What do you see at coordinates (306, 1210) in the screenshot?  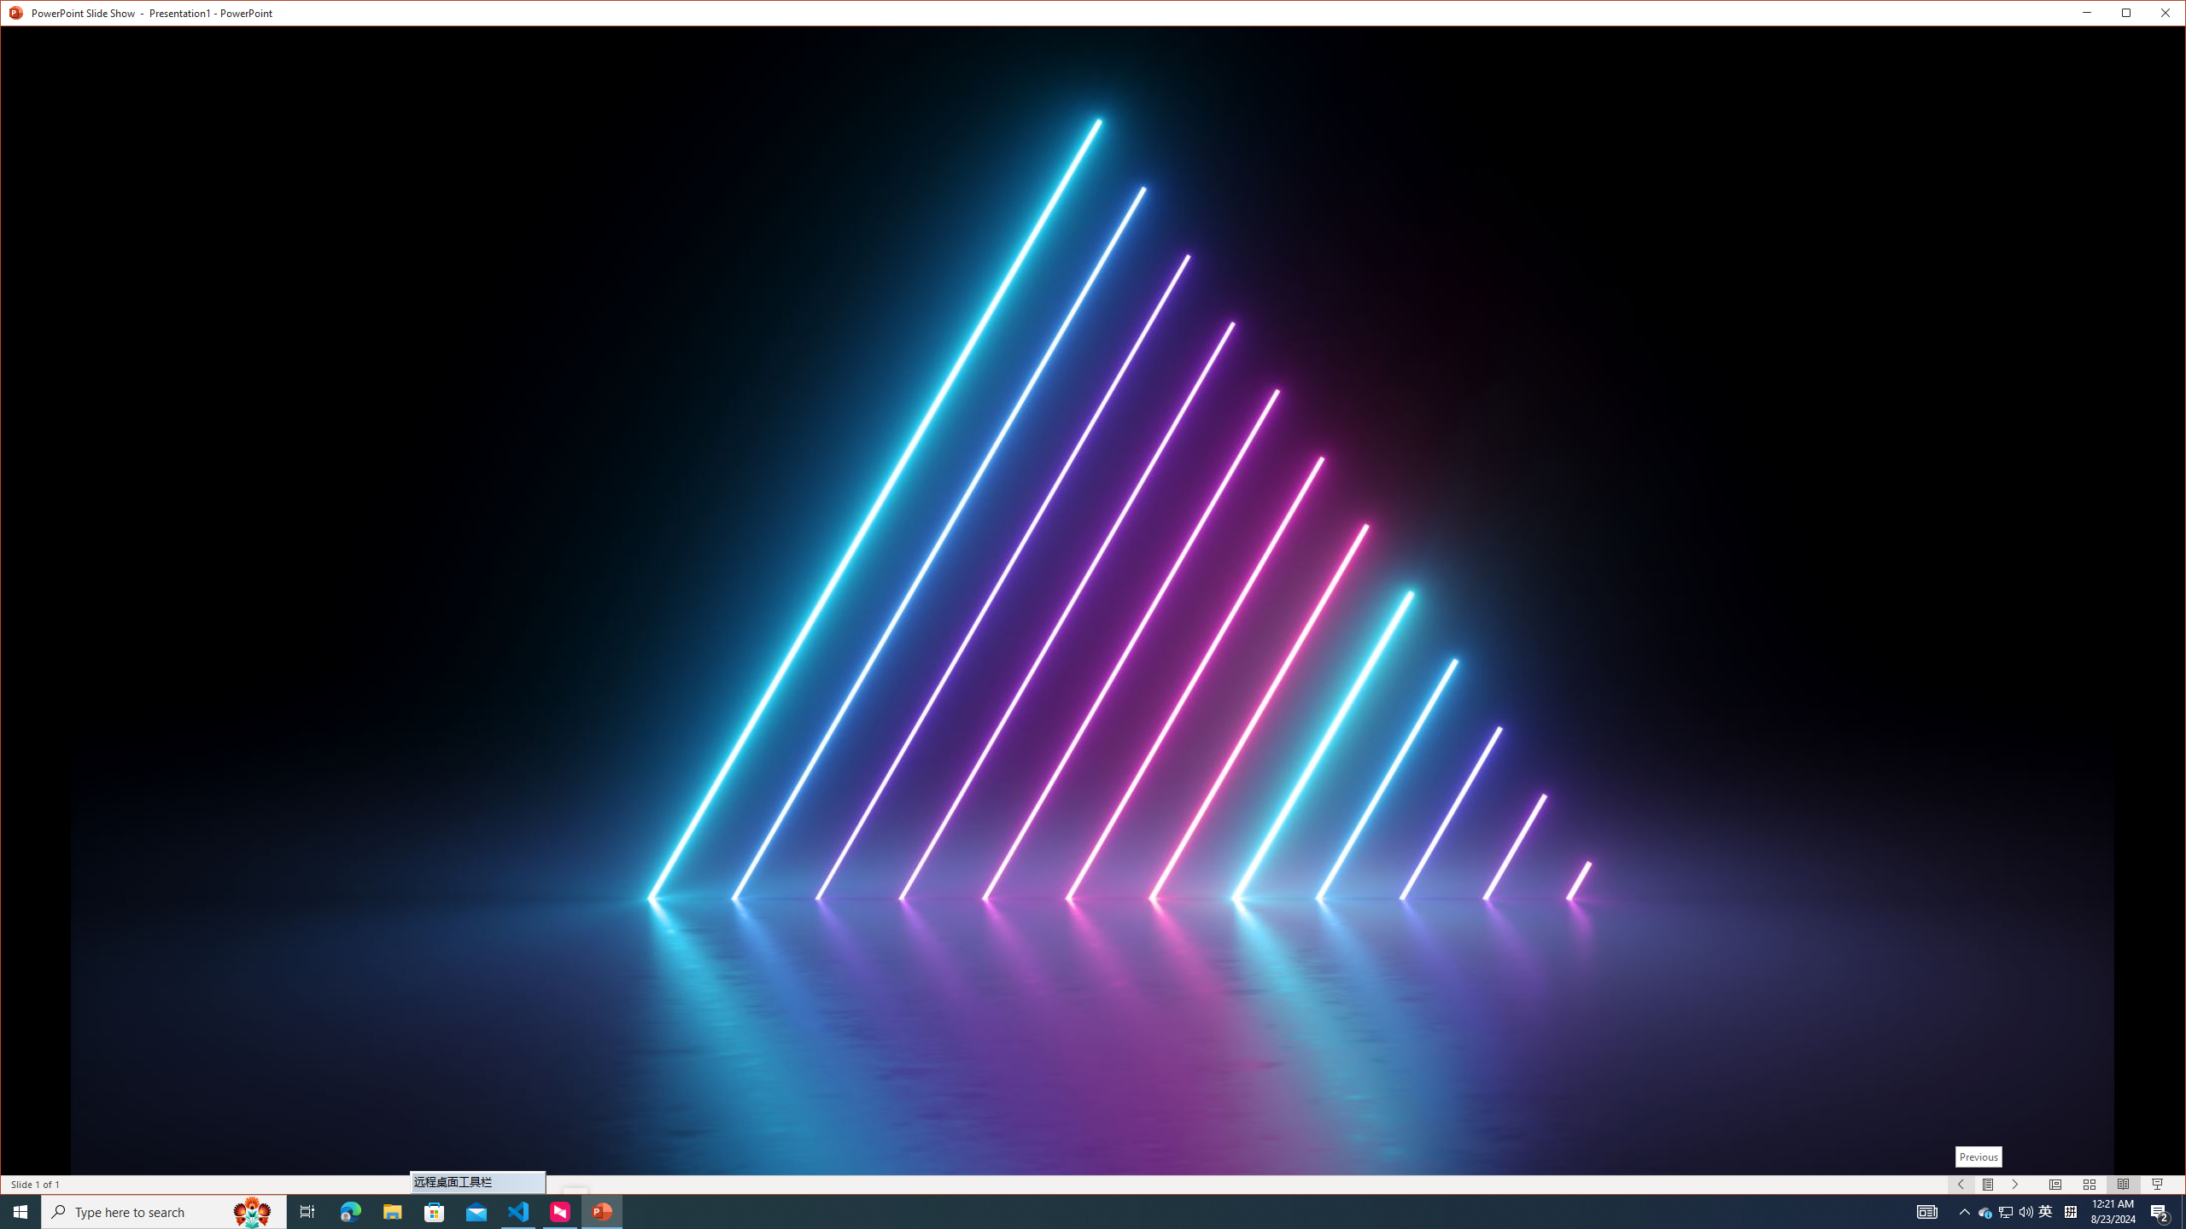 I see `'Task View'` at bounding box center [306, 1210].